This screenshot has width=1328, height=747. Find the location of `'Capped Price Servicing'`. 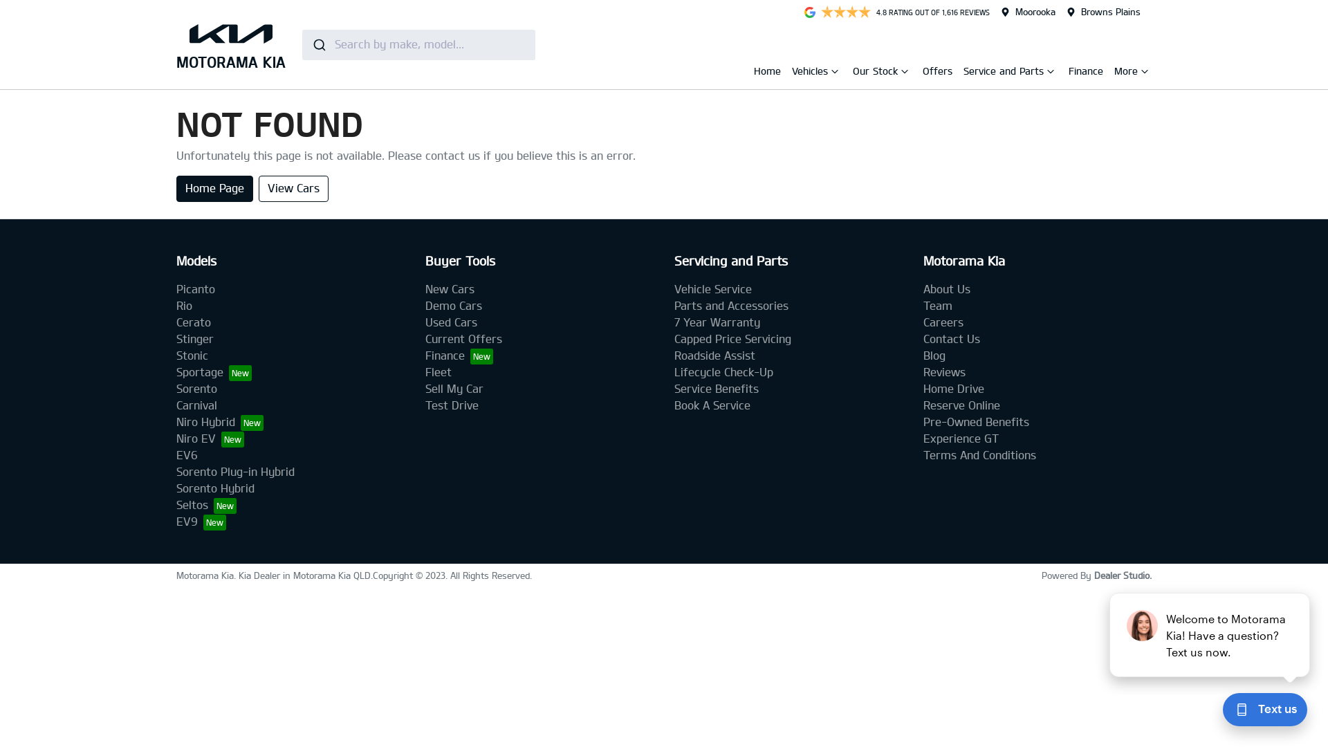

'Capped Price Servicing' is located at coordinates (732, 339).